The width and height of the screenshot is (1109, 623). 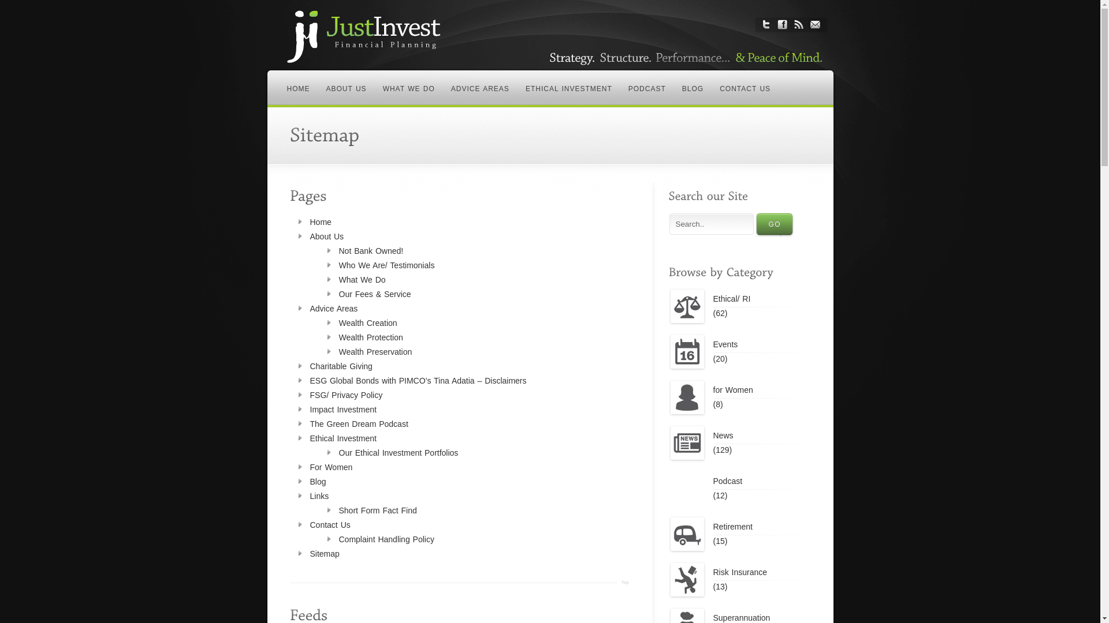 I want to click on 'Wealth Preservation', so click(x=375, y=351).